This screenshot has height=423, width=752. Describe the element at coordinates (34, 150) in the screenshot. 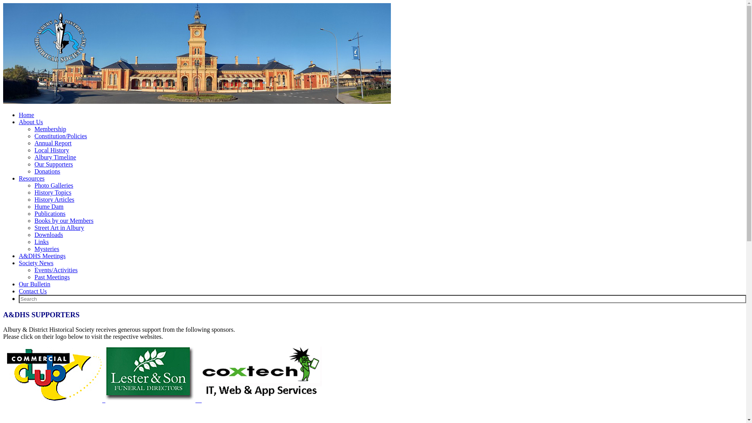

I see `'Local History'` at that location.